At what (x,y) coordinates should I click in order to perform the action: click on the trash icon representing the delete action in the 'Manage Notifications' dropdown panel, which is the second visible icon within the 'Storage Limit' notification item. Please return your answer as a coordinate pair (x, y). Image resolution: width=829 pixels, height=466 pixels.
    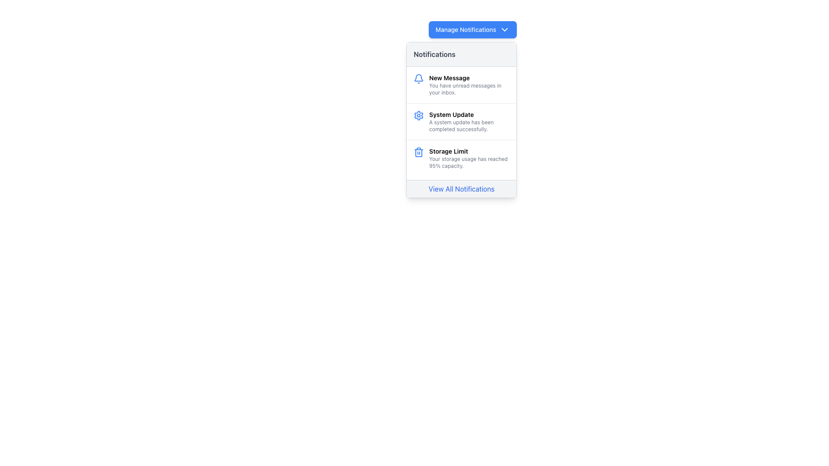
    Looking at the image, I should click on (418, 152).